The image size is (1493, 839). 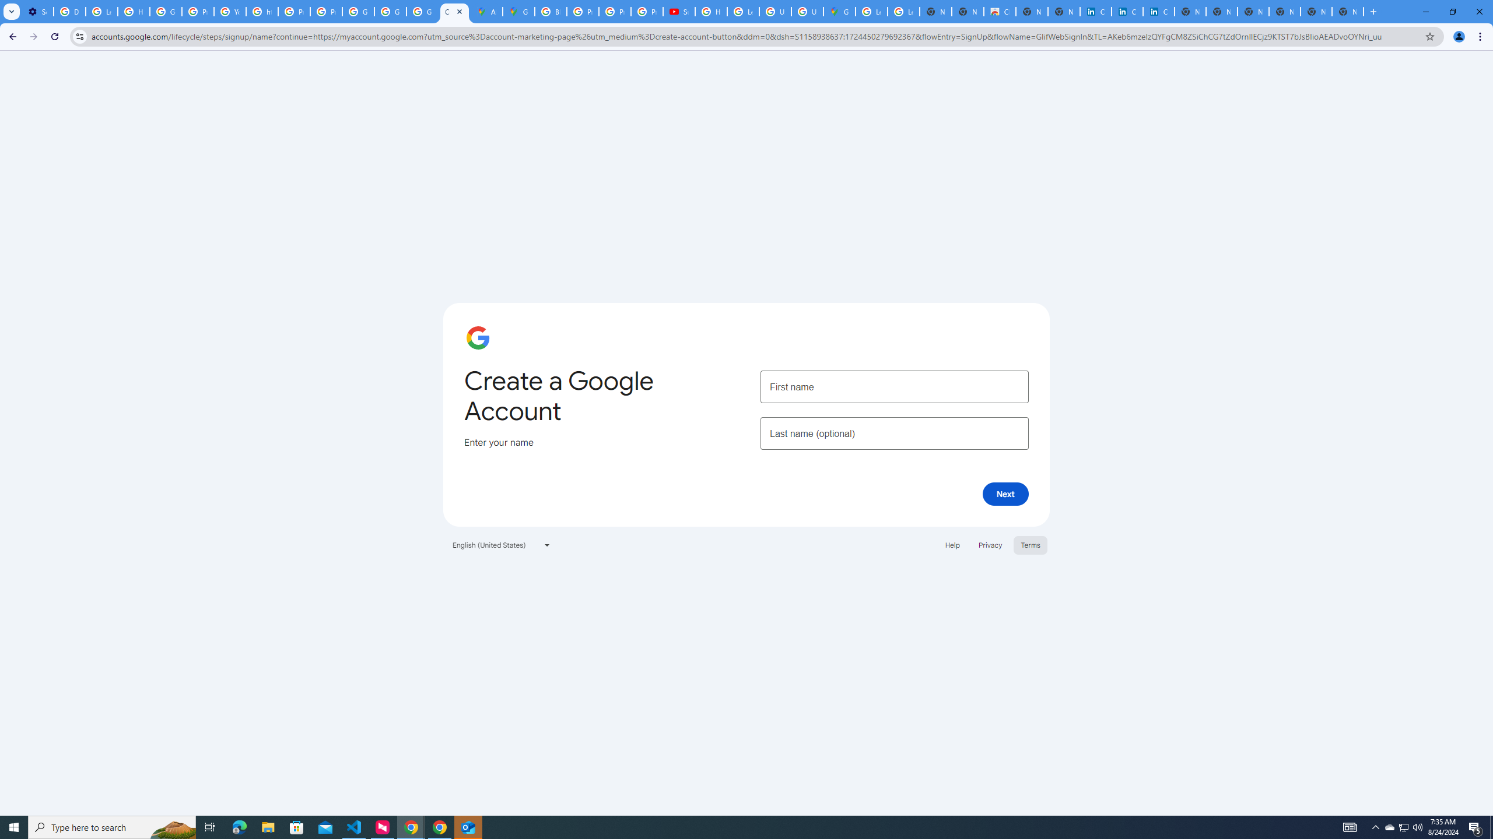 What do you see at coordinates (1158, 11) in the screenshot?
I see `'Copyright Policy'` at bounding box center [1158, 11].